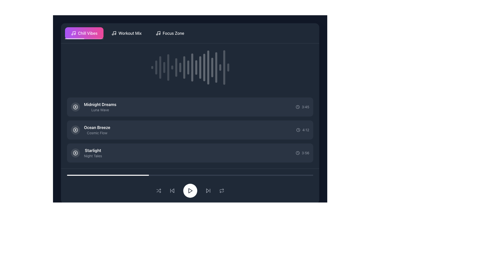  I want to click on the gray 'repeat' icon button located in the playback control area, which changes to white when hovered over, so click(221, 191).